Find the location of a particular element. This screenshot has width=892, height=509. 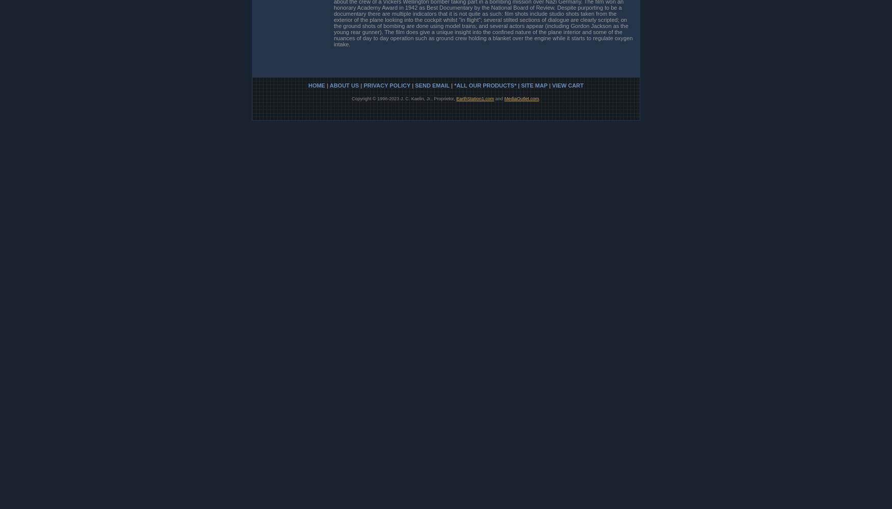

'privacy policy' is located at coordinates (386, 85).